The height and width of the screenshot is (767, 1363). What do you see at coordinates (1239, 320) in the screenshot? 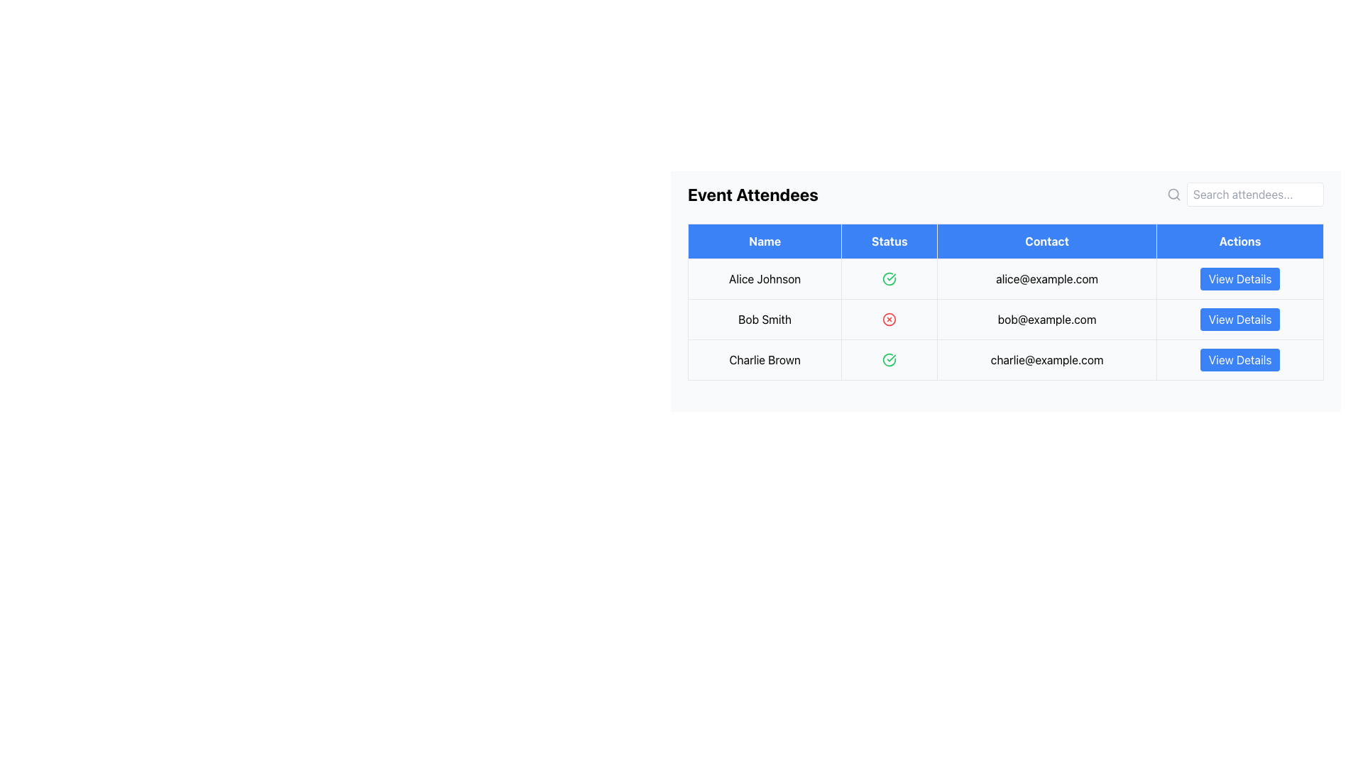
I see `the blue 'View Details' button with white text in the 'Actions' column for the contact 'bob@example.com'` at bounding box center [1239, 320].